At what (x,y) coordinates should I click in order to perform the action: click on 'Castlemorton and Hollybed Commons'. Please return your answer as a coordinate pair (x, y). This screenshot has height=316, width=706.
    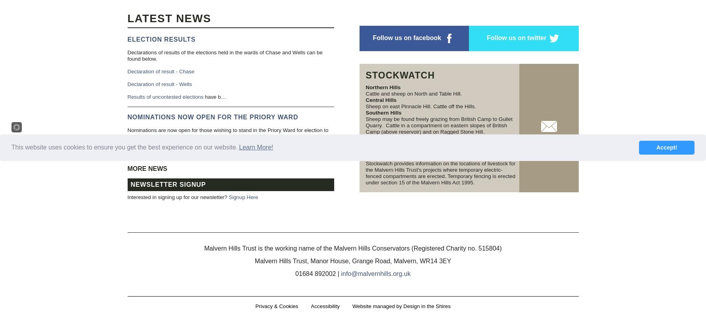
    Looking at the image, I should click on (413, 150).